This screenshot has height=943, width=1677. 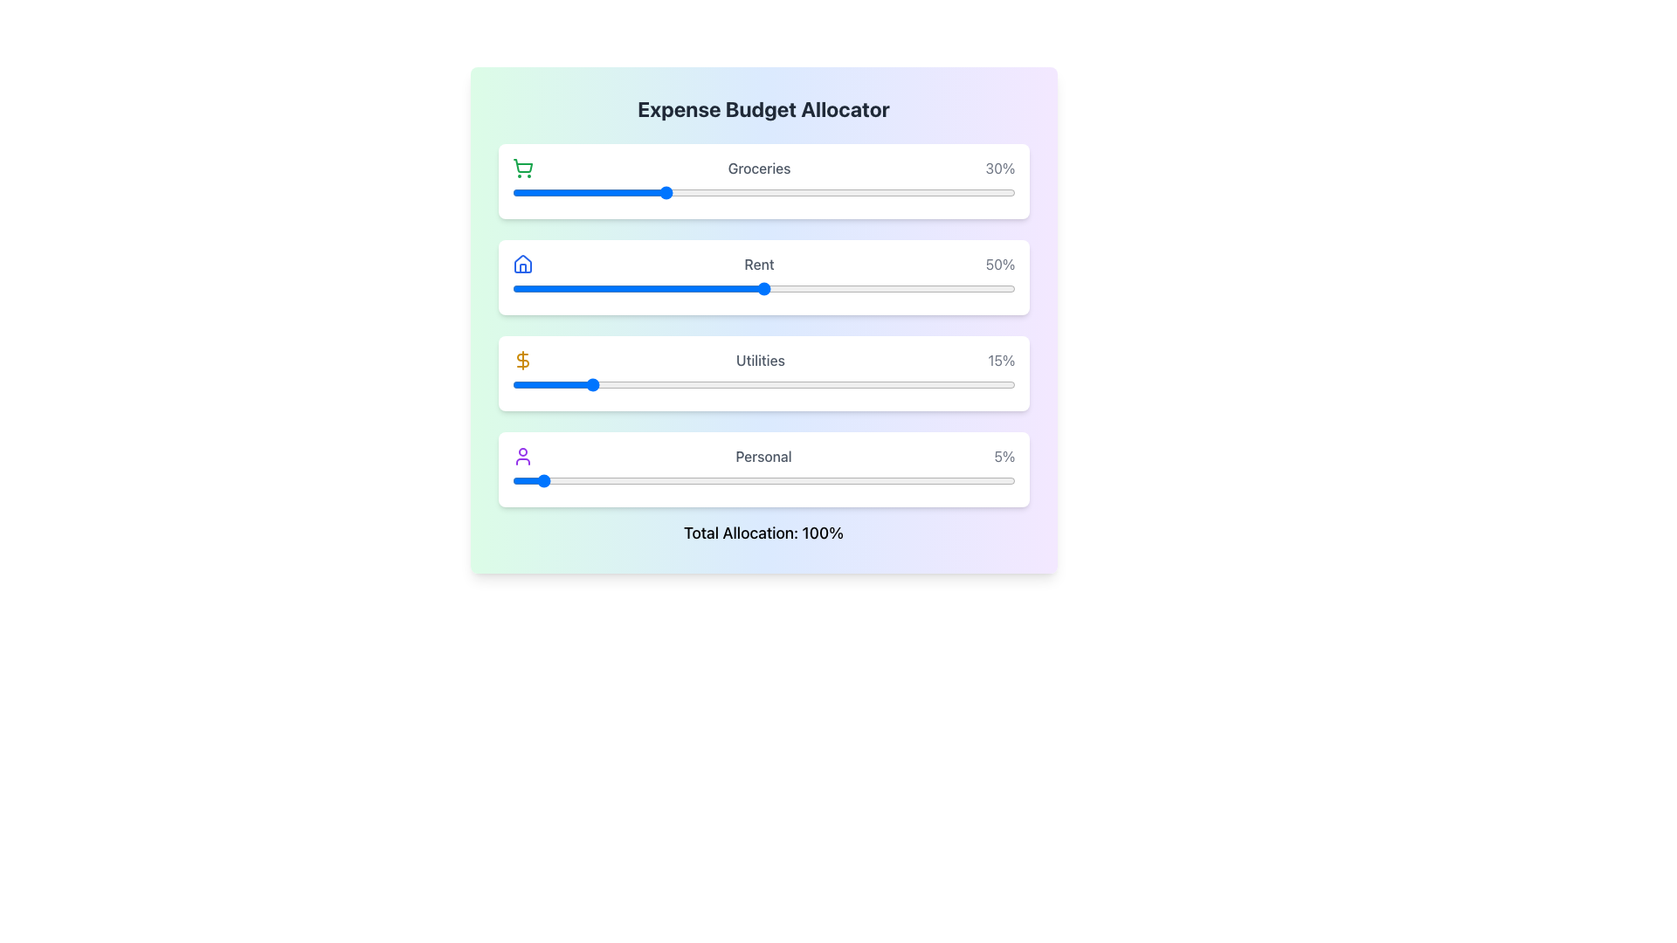 I want to click on utilities allocation, so click(x=542, y=383).